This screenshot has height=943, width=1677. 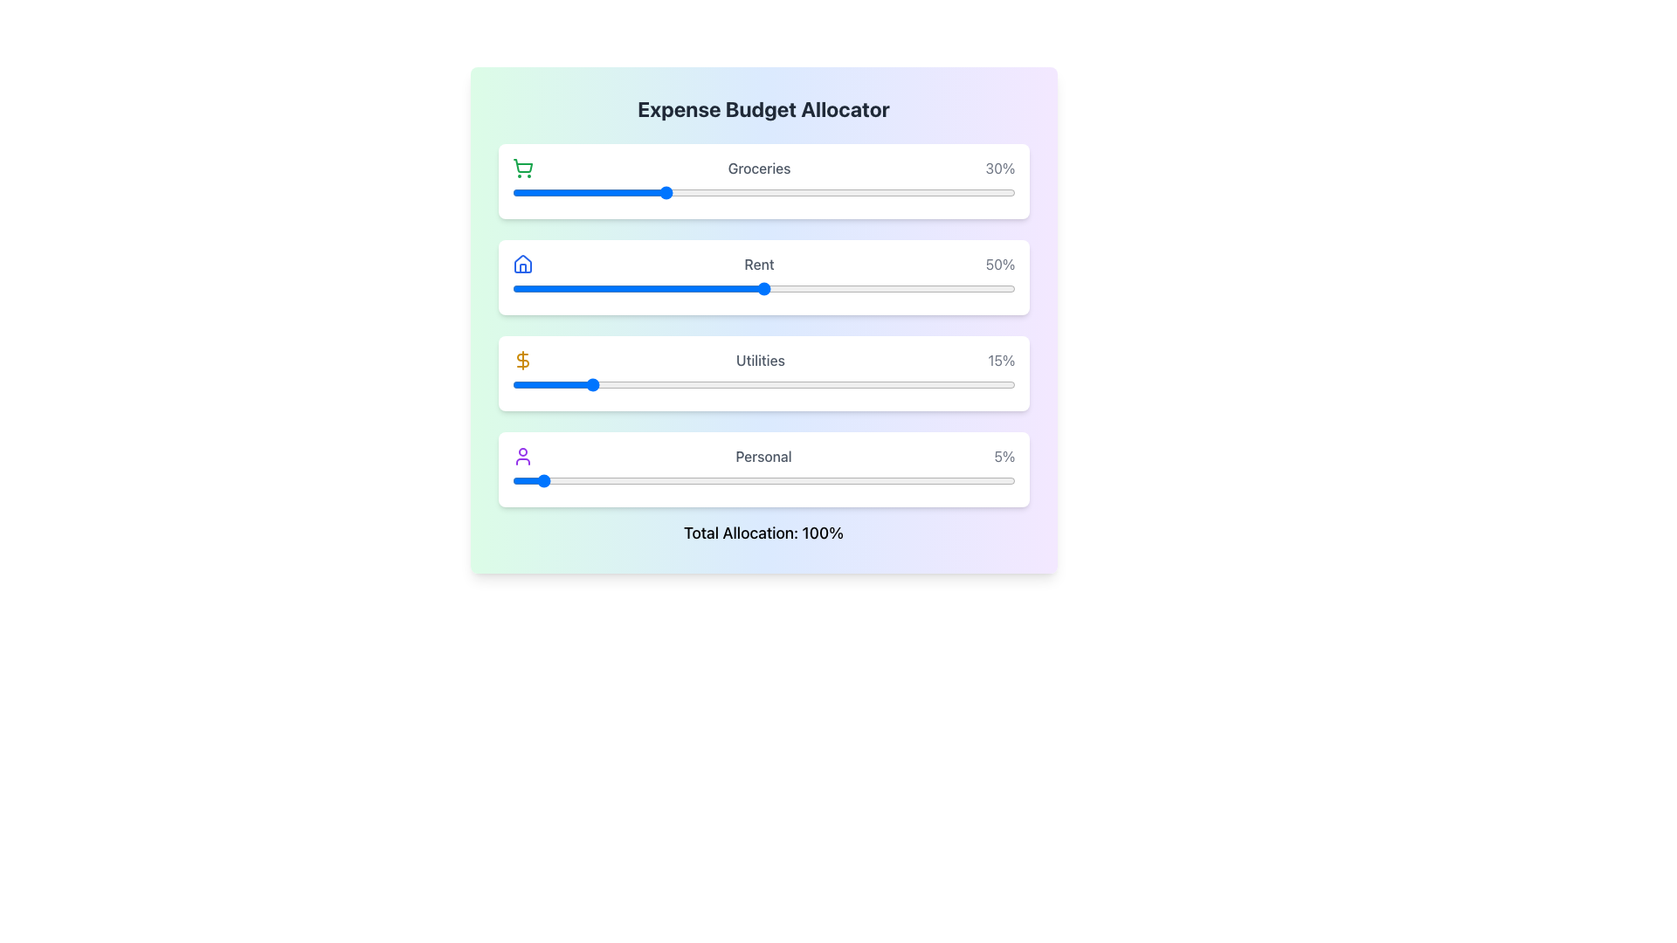 I want to click on utilities allocation, so click(x=542, y=383).